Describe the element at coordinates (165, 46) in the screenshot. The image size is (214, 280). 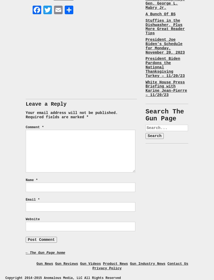
I see `'President Joe Biden’s Schedule for Monday, November 20, 2023'` at that location.